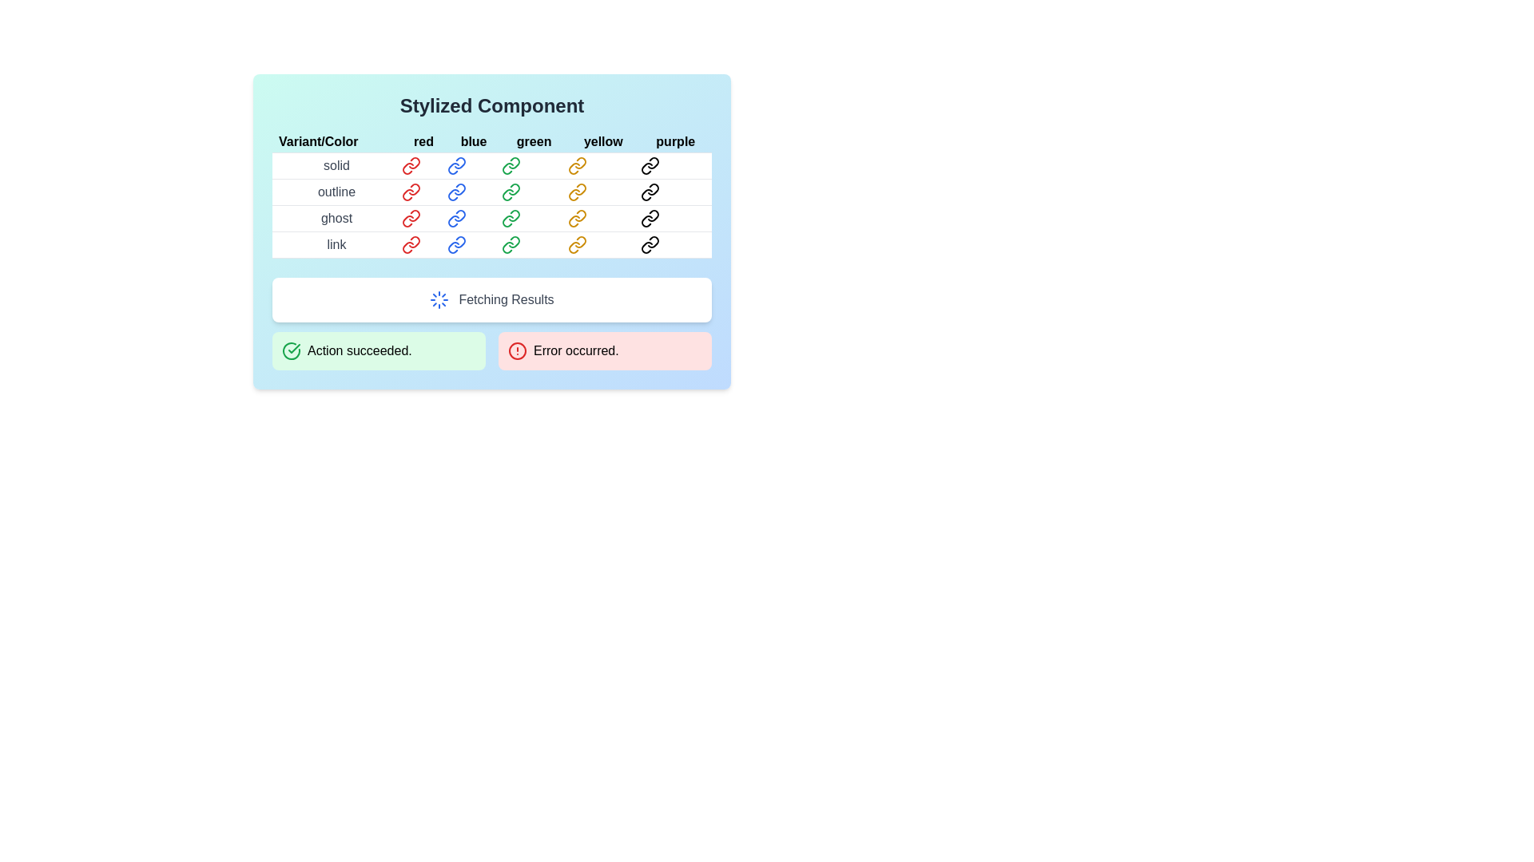 This screenshot has width=1534, height=862. I want to click on the SVG icon styled as a link located in the third position of the top row under the 'green' column in the main table, so click(511, 166).